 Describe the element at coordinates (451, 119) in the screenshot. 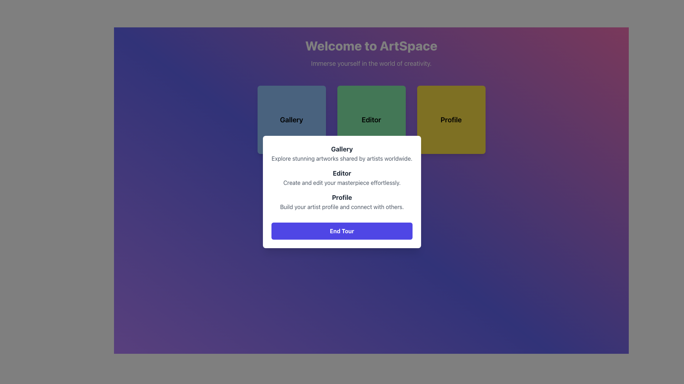

I see `the 'Profile' button, which is a square-shaped component with a yellow background and the text 'Profile' in bold black font` at that location.